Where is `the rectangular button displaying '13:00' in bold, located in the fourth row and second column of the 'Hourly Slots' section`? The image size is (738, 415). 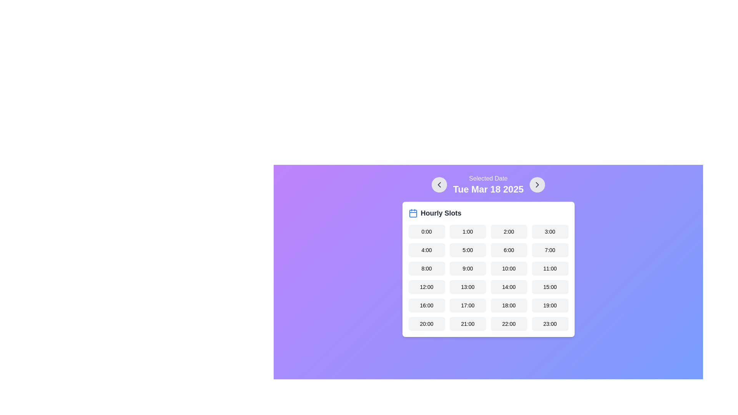 the rectangular button displaying '13:00' in bold, located in the fourth row and second column of the 'Hourly Slots' section is located at coordinates (467, 287).